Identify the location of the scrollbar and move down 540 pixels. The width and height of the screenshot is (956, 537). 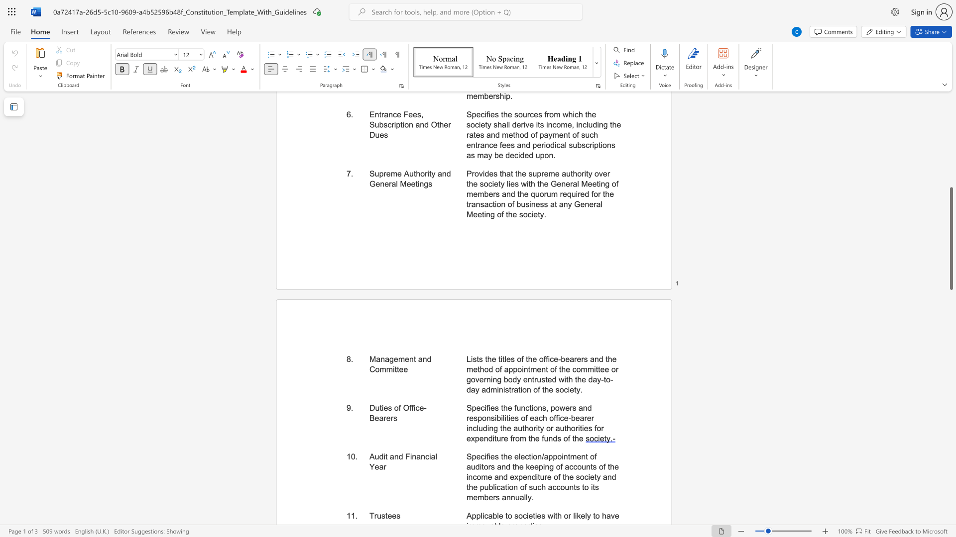
(951, 238).